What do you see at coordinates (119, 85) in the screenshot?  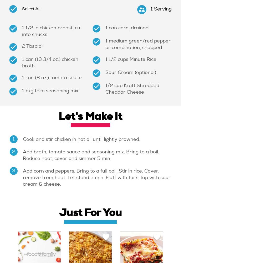 I see `'cup'` at bounding box center [119, 85].